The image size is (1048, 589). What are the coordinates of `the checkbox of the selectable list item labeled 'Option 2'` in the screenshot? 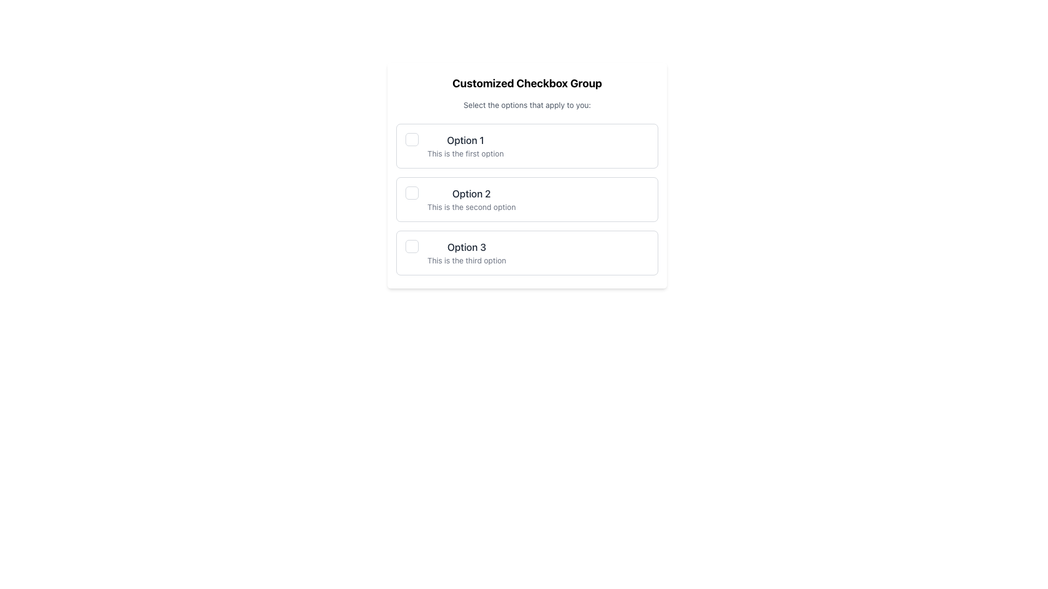 It's located at (527, 200).